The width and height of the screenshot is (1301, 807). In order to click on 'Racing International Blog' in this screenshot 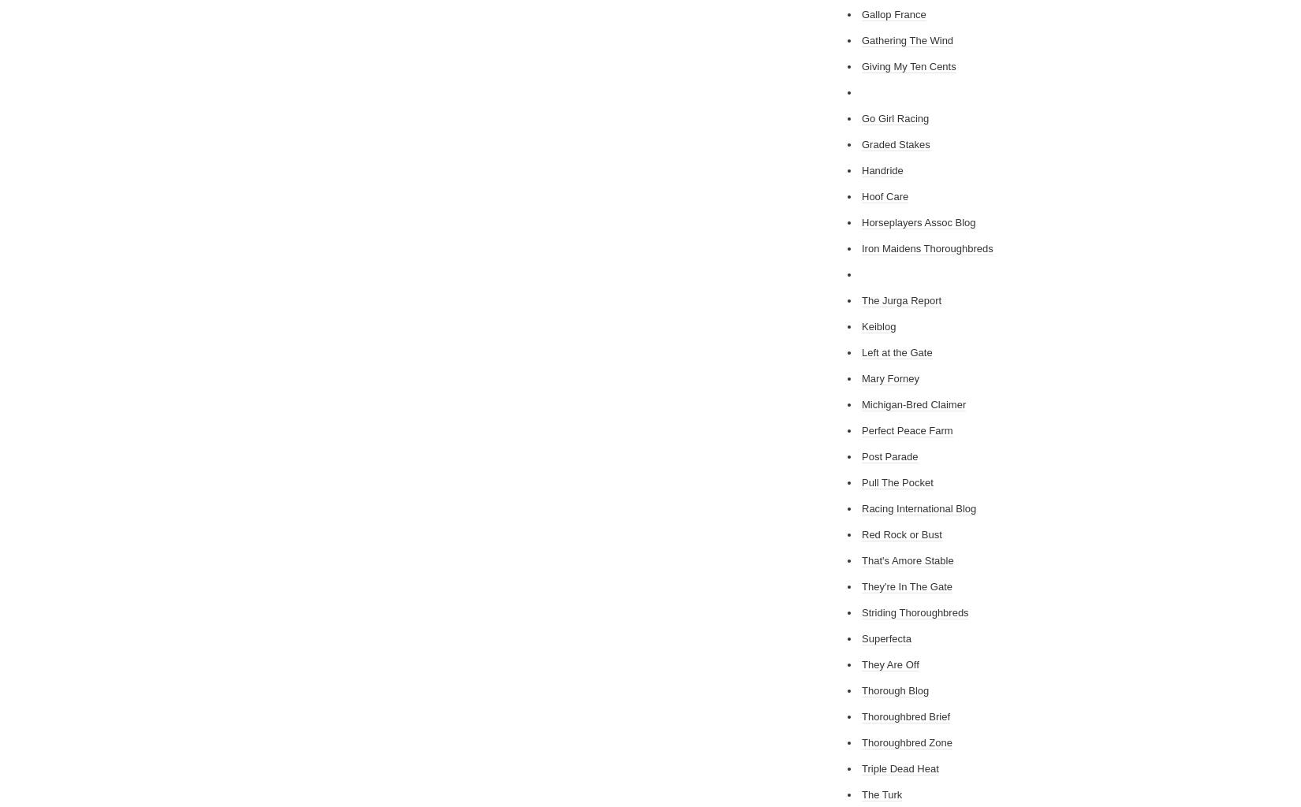, I will do `click(919, 508)`.